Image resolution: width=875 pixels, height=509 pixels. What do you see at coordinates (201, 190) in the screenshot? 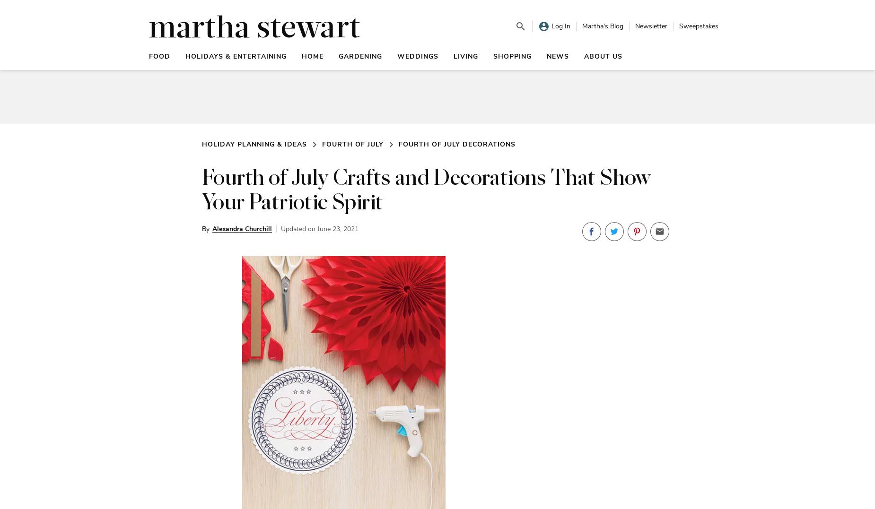
I see `'Fourth of July Crafts and Decorations That Show Your Patriotic Spirit'` at bounding box center [201, 190].